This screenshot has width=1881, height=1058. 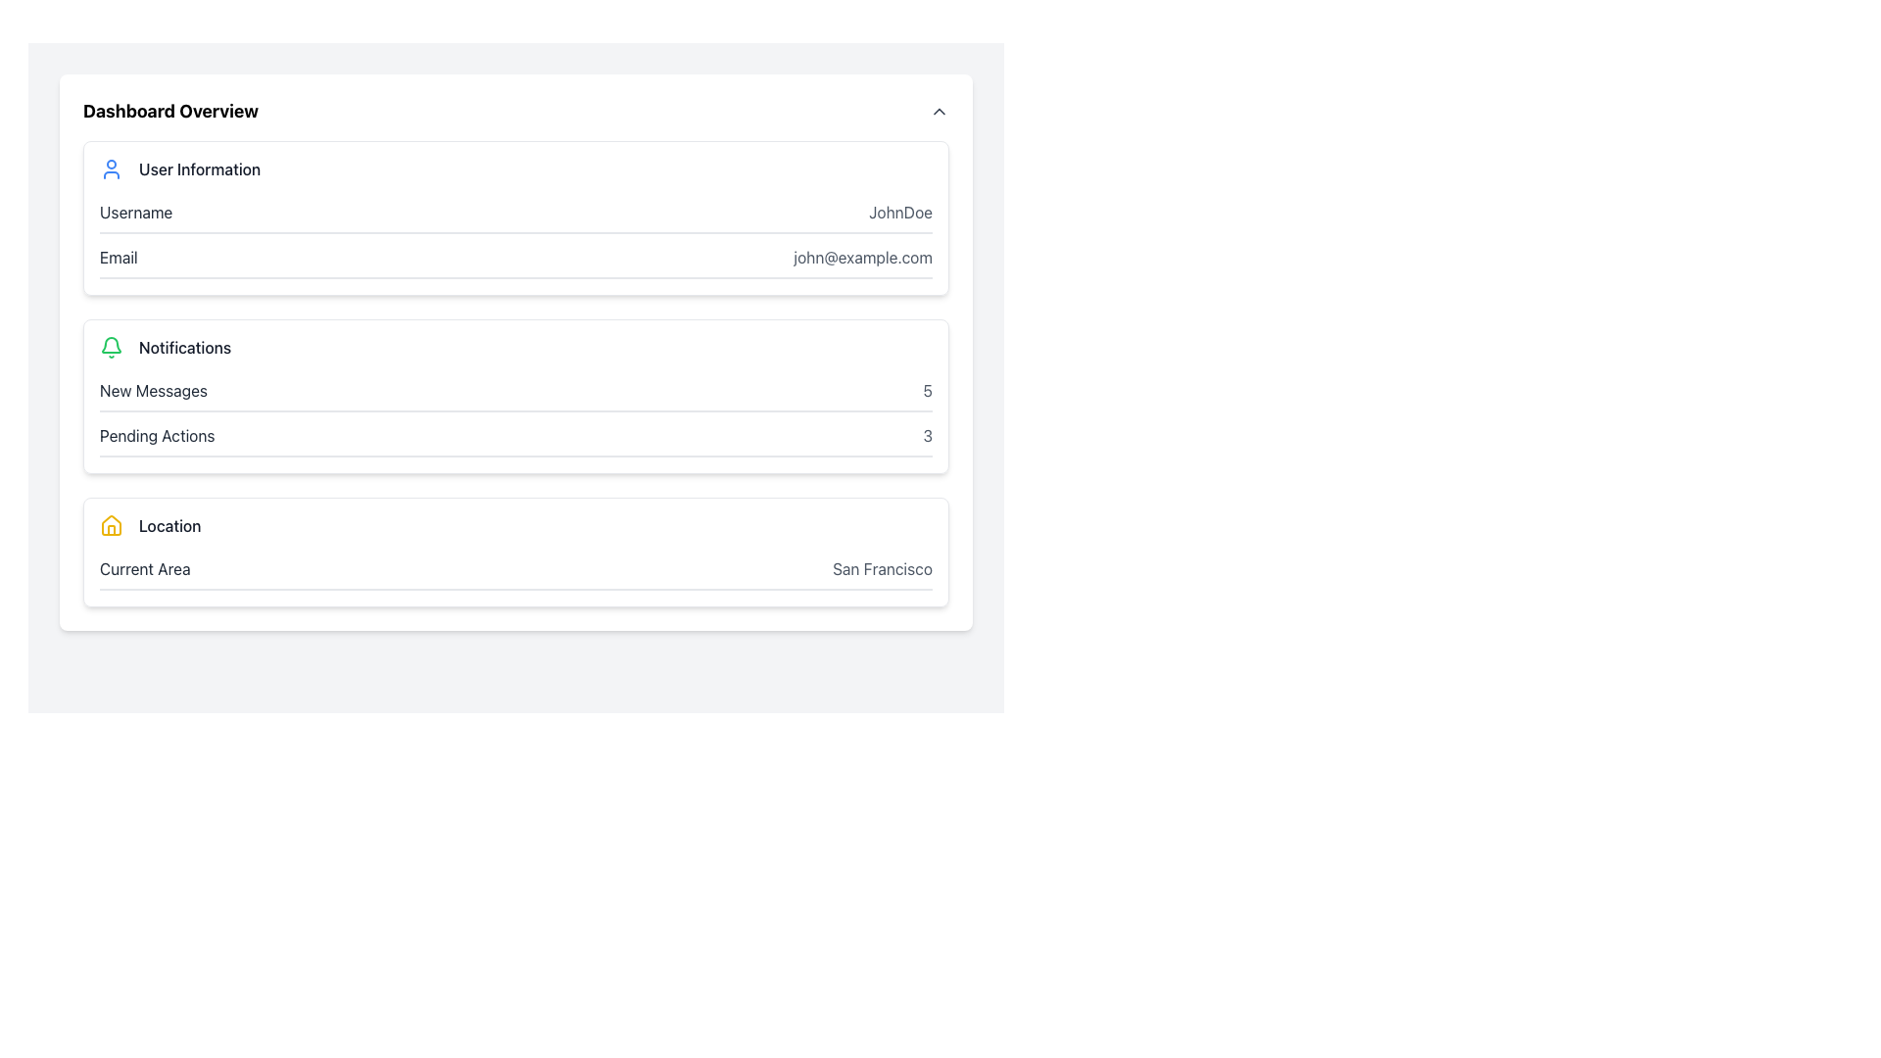 I want to click on the static text display showing 'JohnDoe' in gray font, which is located in the 'User Information' section of the dashboard interface, so click(x=899, y=212).